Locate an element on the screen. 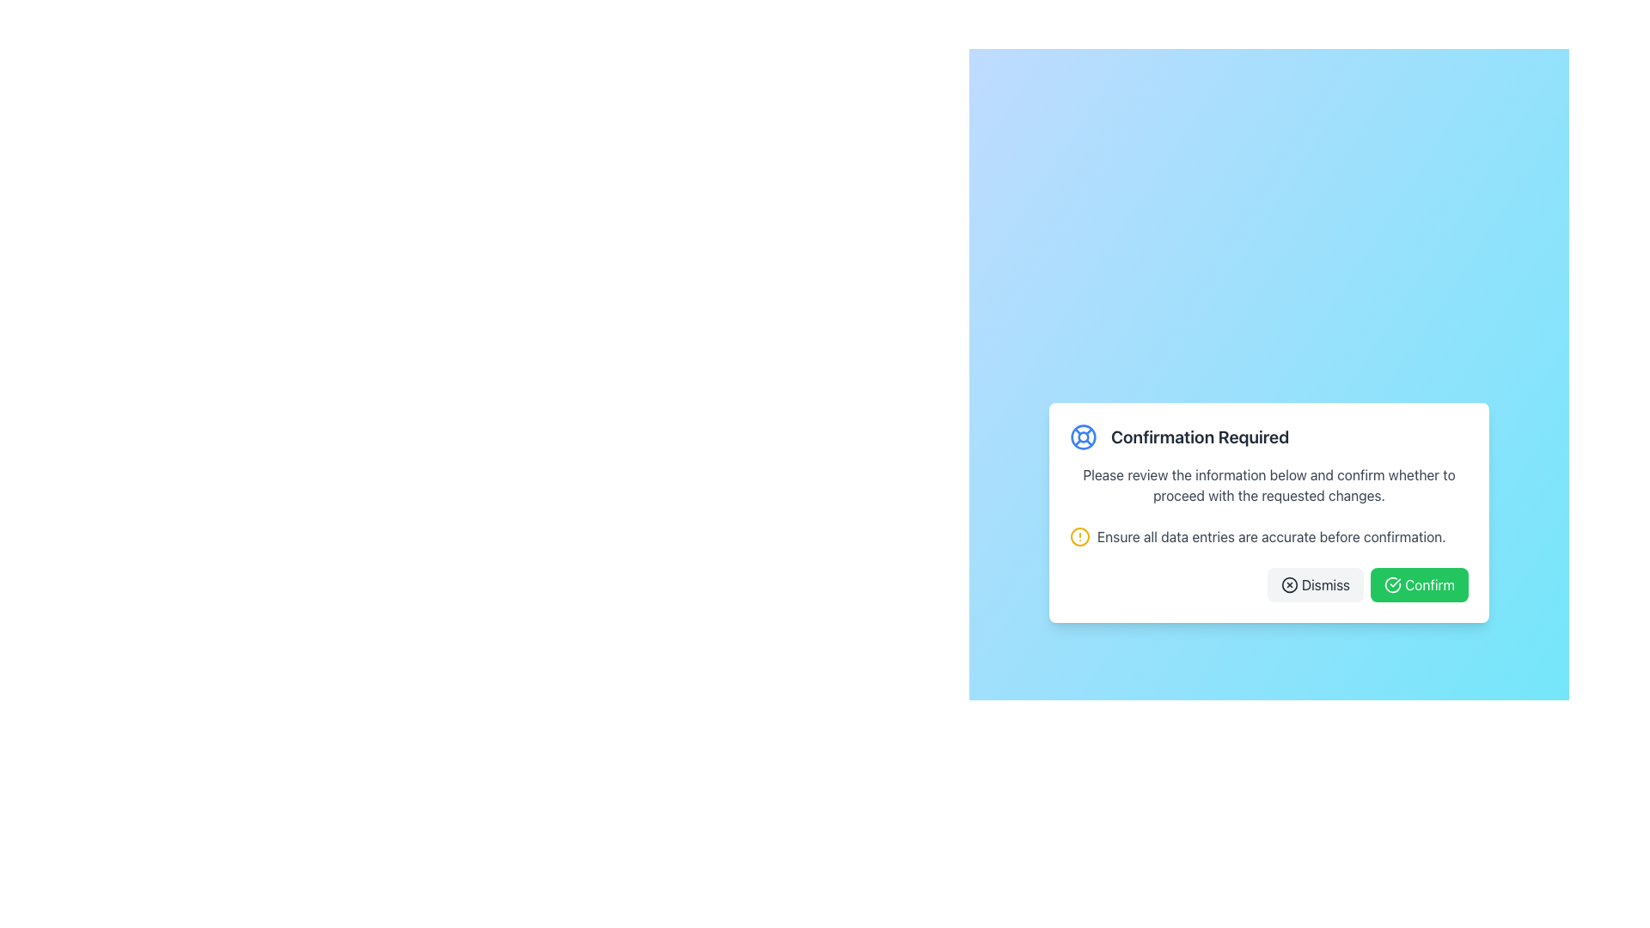 The image size is (1650, 928). the SVG Circle element that serves as the outer ring of the life buoy icon in the confirmation dialog box, located above the text 'Confirmation Required' is located at coordinates (1083, 436).